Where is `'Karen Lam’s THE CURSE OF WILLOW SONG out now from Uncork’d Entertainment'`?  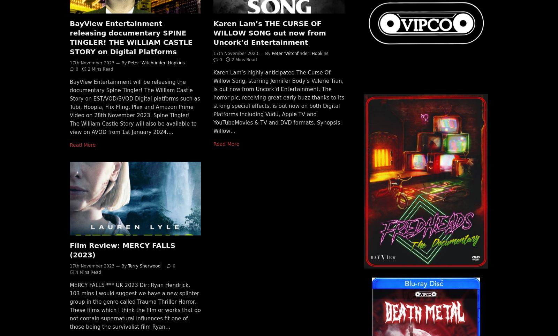
'Karen Lam’s THE CURSE OF WILLOW SONG out now from Uncork’d Entertainment' is located at coordinates (269, 32).